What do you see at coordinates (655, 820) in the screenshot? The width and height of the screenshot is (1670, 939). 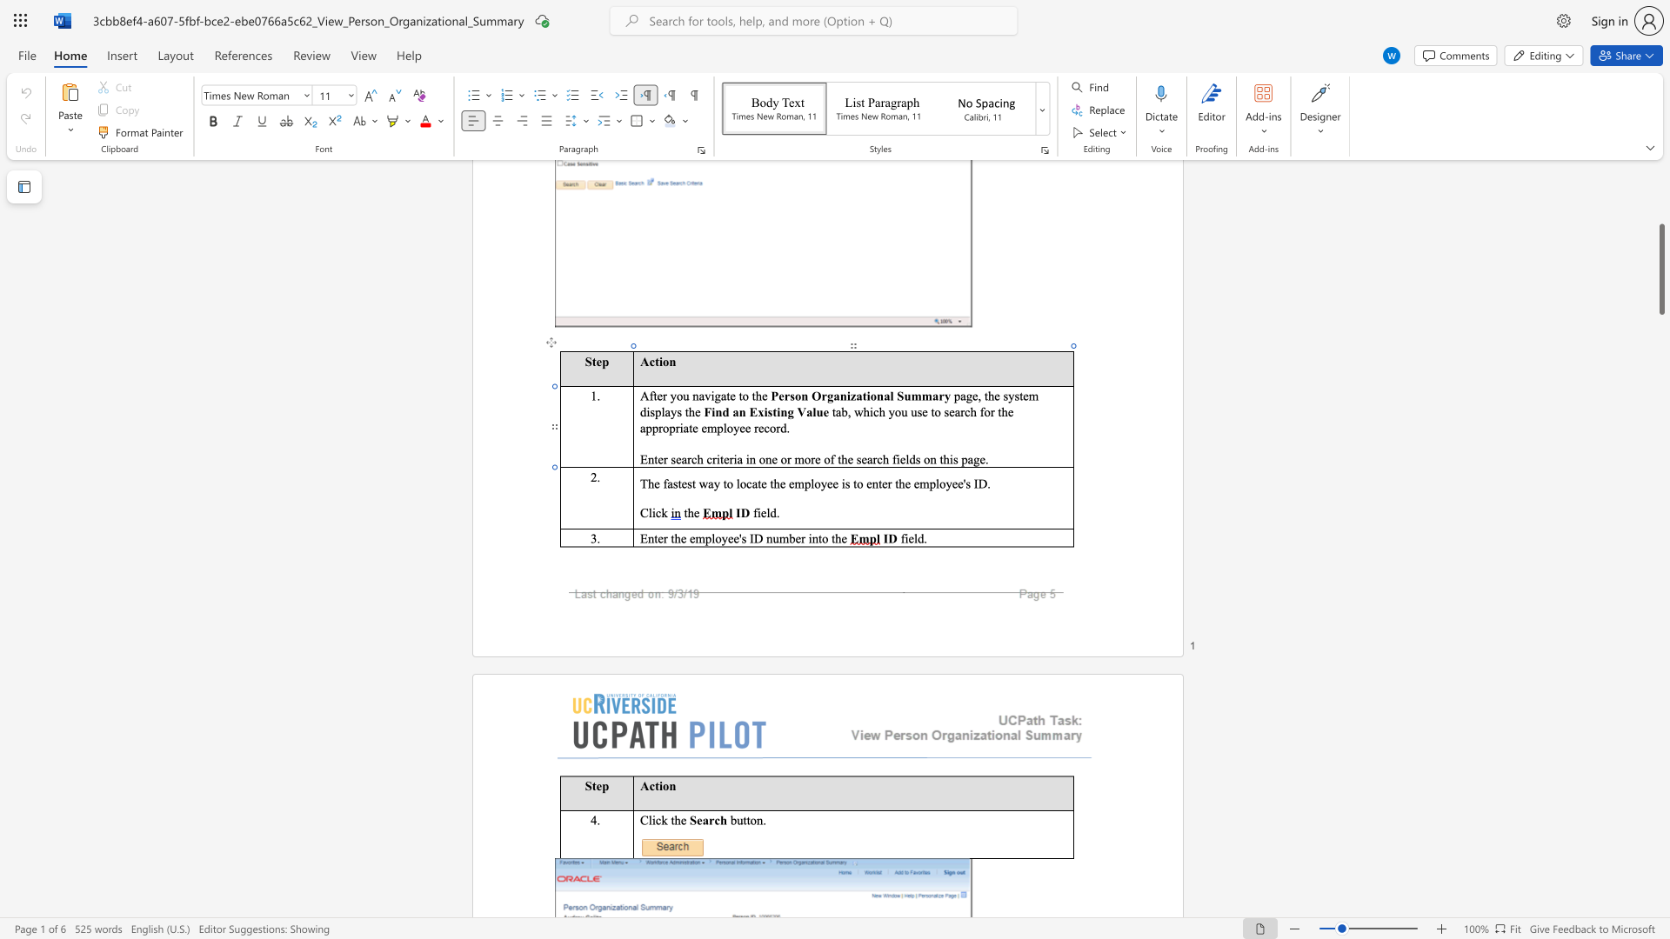 I see `the space between the continuous character "i" and "c" in the text` at bounding box center [655, 820].